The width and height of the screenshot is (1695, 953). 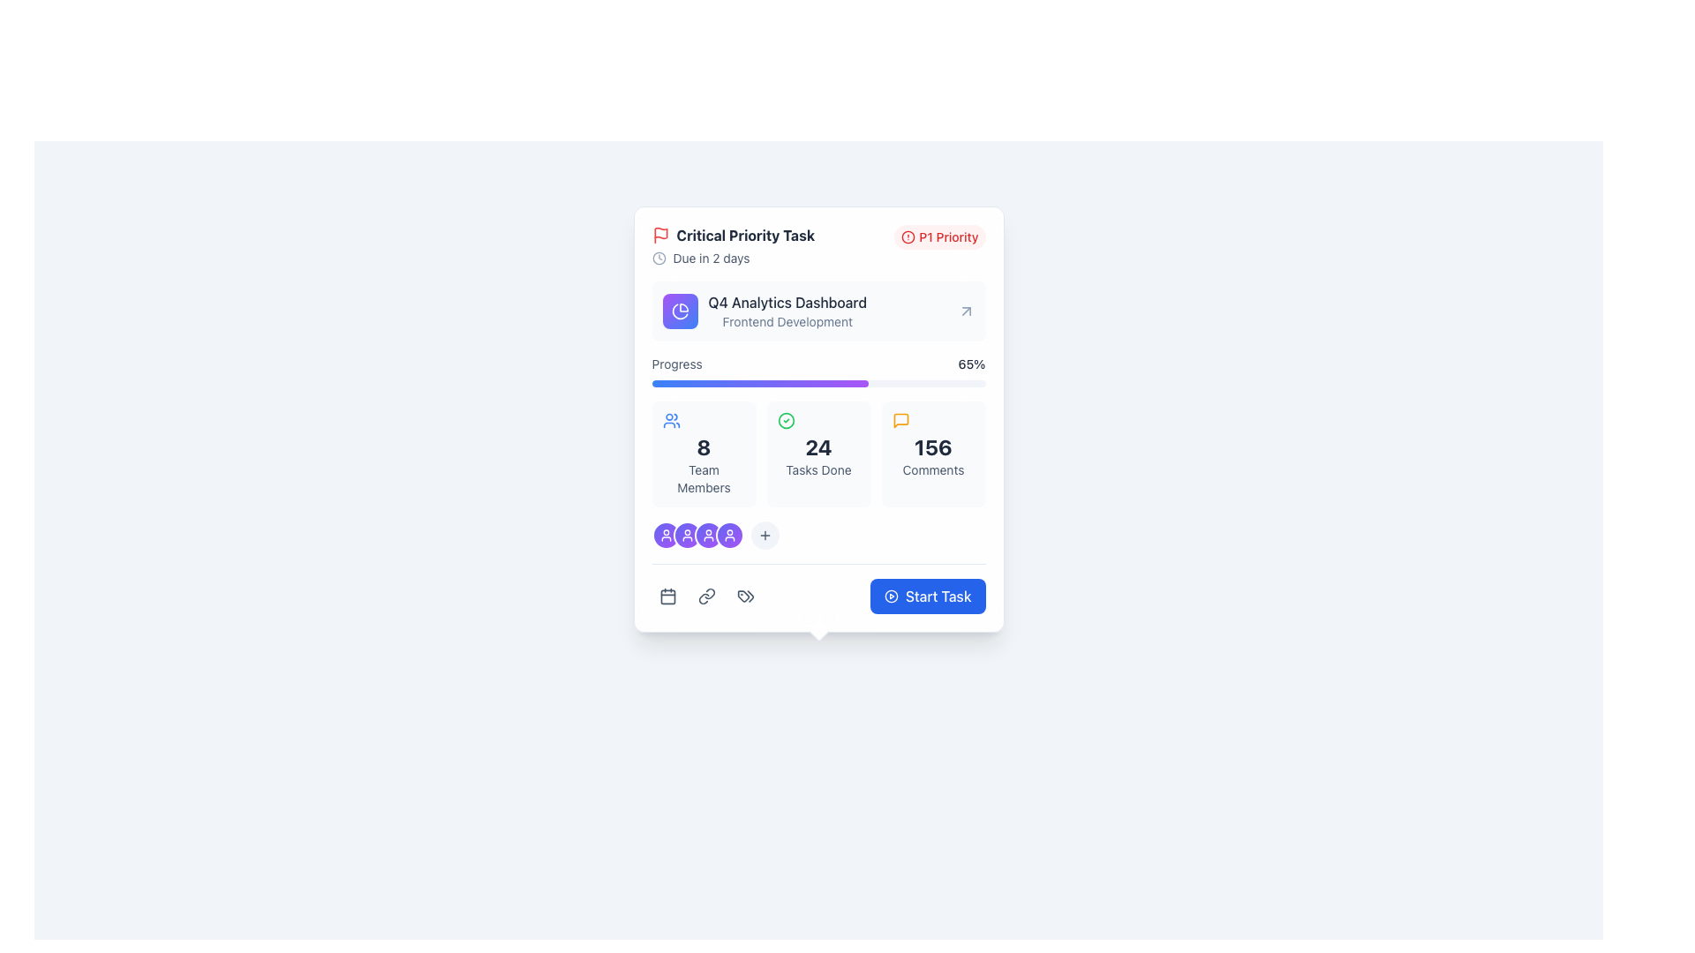 I want to click on the 'P1 Priority' badge, which features an alert icon and a light red background, located in the top-right corner of its containing card, so click(x=939, y=236).